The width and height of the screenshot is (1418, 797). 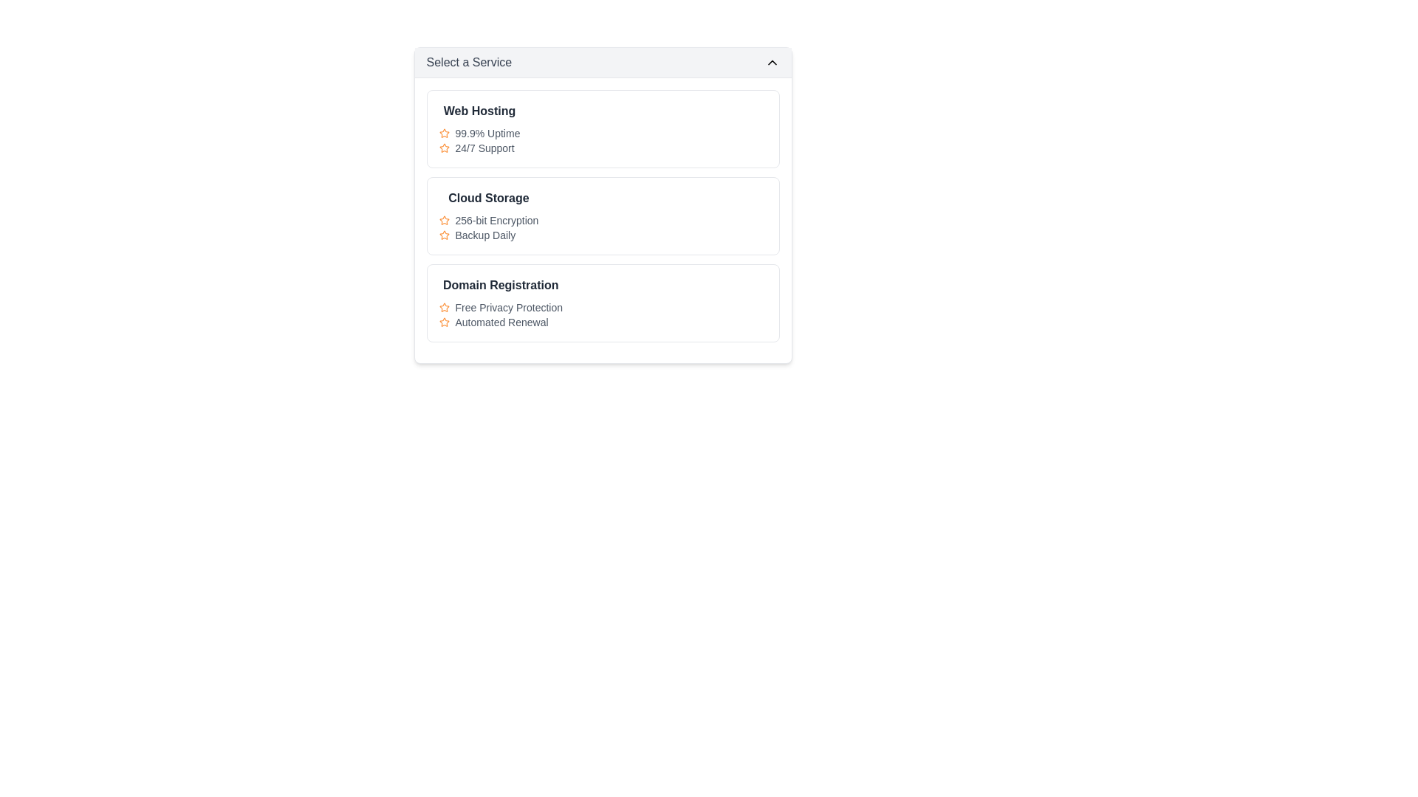 I want to click on text block containing '99.9% Uptime' and '24/7 Support' with orange star icons, located below the 'Web Hosting' title in the 'Select a Service' section, so click(x=479, y=141).